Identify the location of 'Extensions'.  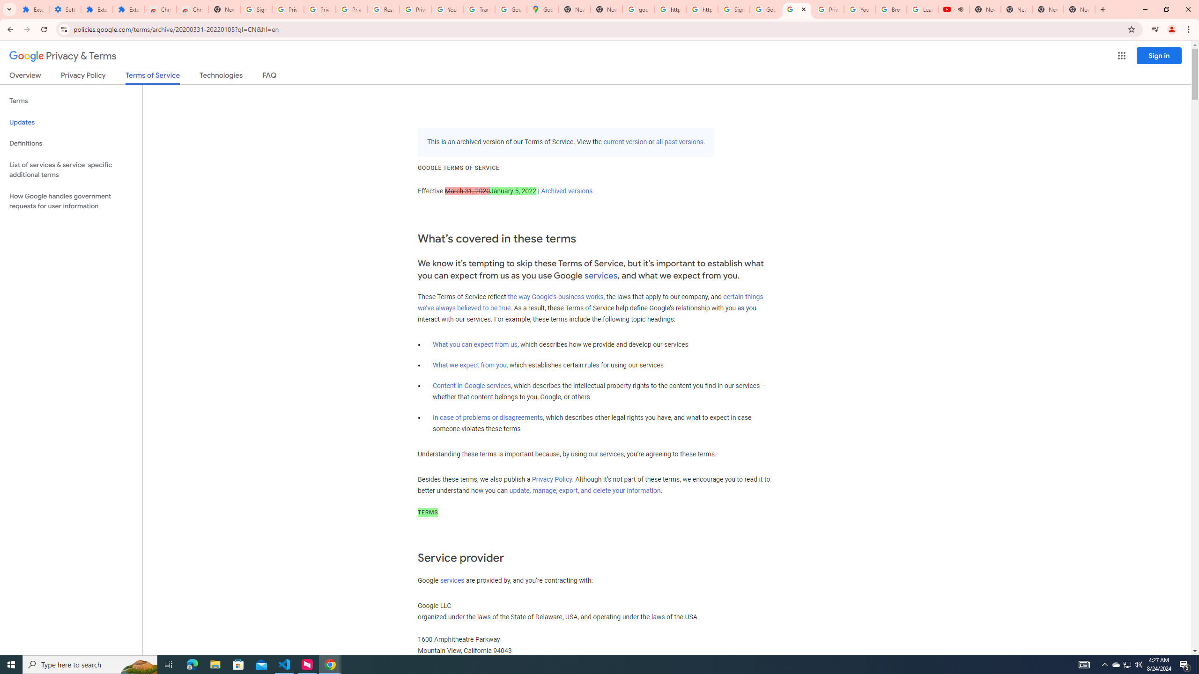
(33, 9).